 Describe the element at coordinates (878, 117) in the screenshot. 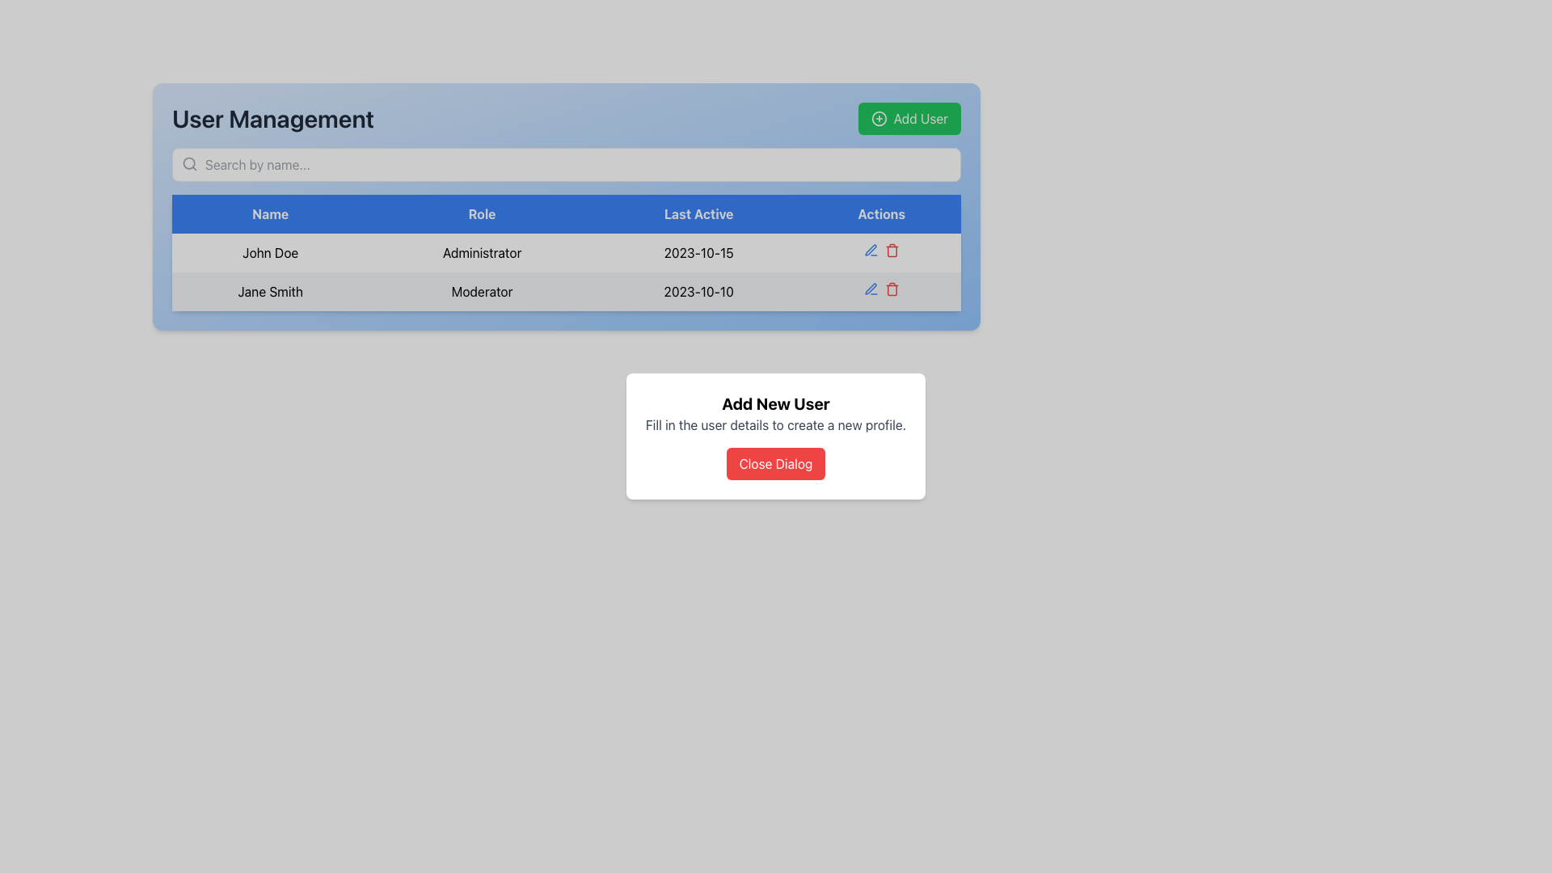

I see `the 'Add User' icon located at the top-right of the user management panel` at that location.